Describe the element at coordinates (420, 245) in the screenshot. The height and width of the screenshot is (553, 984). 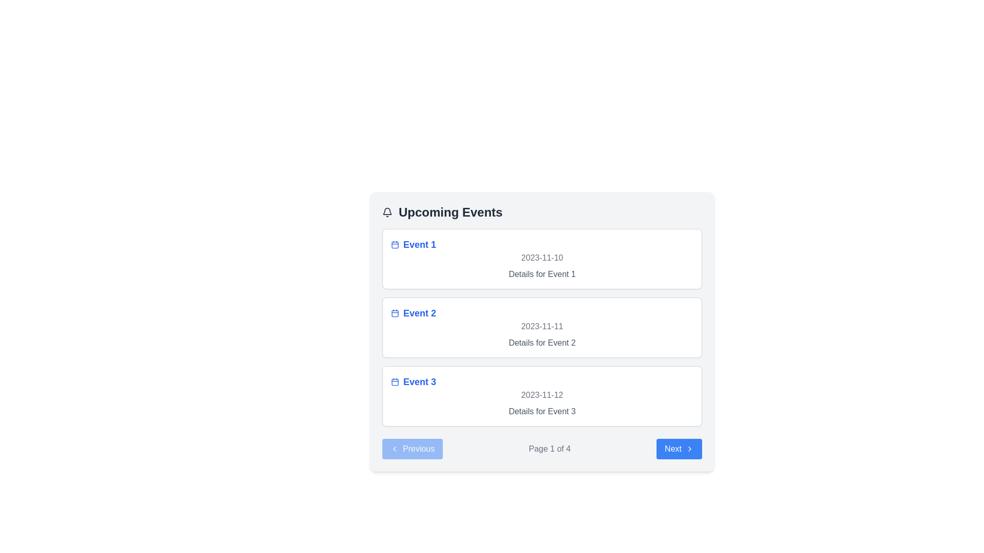
I see `the 'Event 1' text element, which is styled in a bold blue font and serves as a title for an item in the upcoming events list` at that location.